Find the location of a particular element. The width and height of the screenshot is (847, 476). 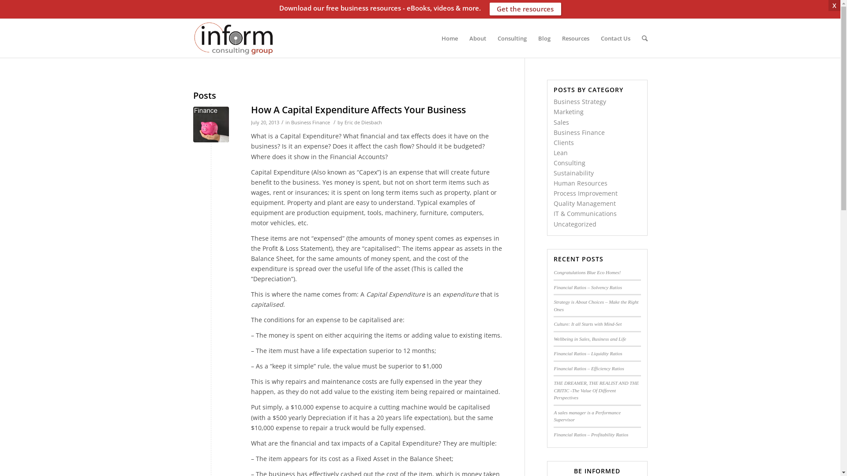

'Resources' is located at coordinates (575, 38).